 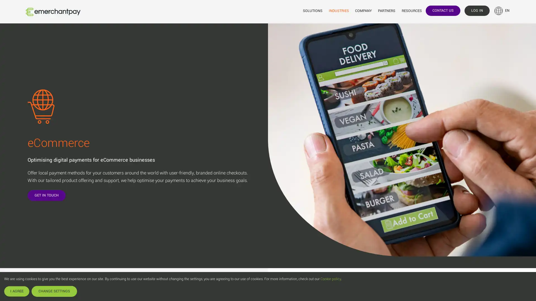 What do you see at coordinates (477, 10) in the screenshot?
I see `LOG IN` at bounding box center [477, 10].